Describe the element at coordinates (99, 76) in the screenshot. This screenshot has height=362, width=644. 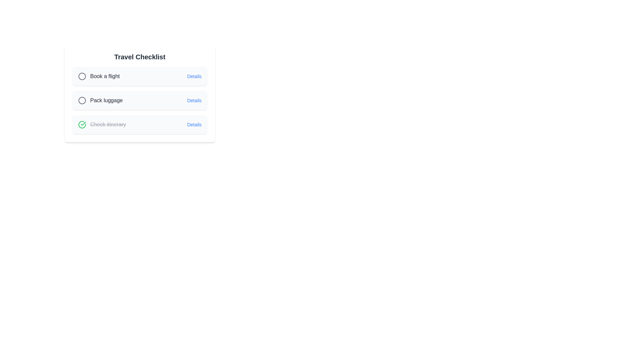
I see `the 'Book a flight' text label, which is the primary label in the top row of the checklist and styled with a gray color scheme` at that location.